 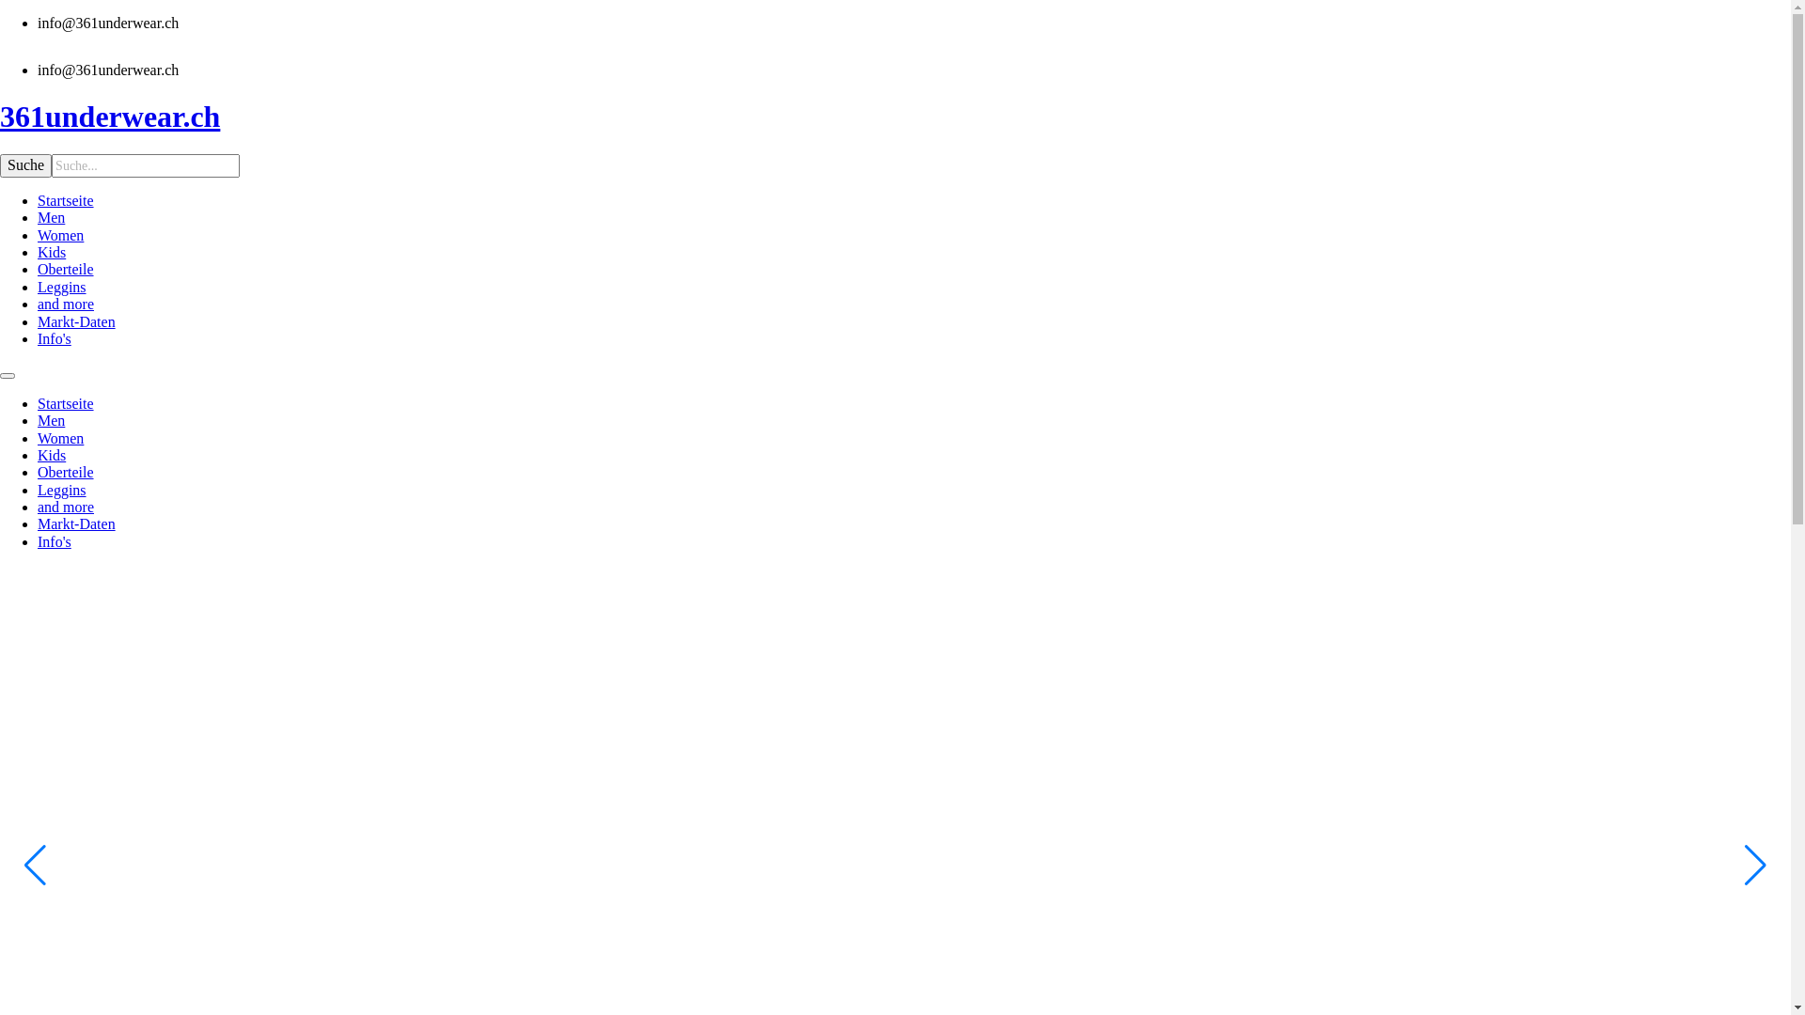 What do you see at coordinates (37, 489) in the screenshot?
I see `'Leggins'` at bounding box center [37, 489].